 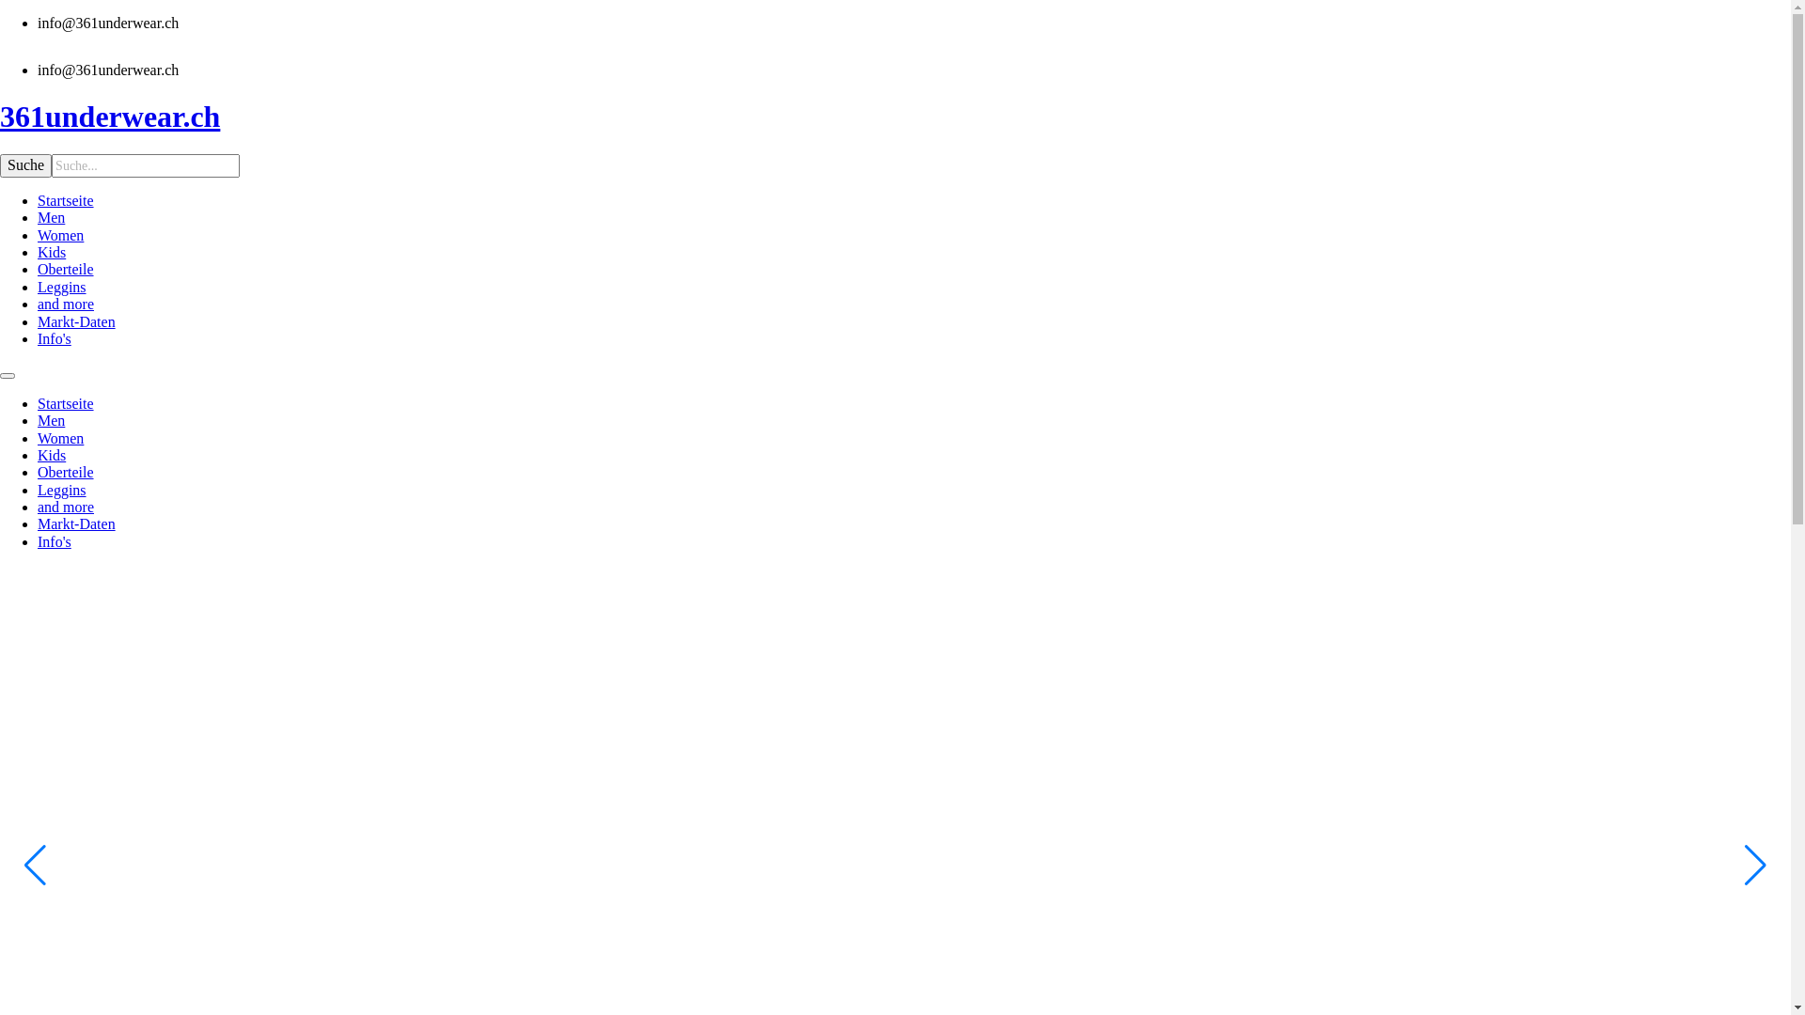 What do you see at coordinates (37, 489) in the screenshot?
I see `'Leggins'` at bounding box center [37, 489].